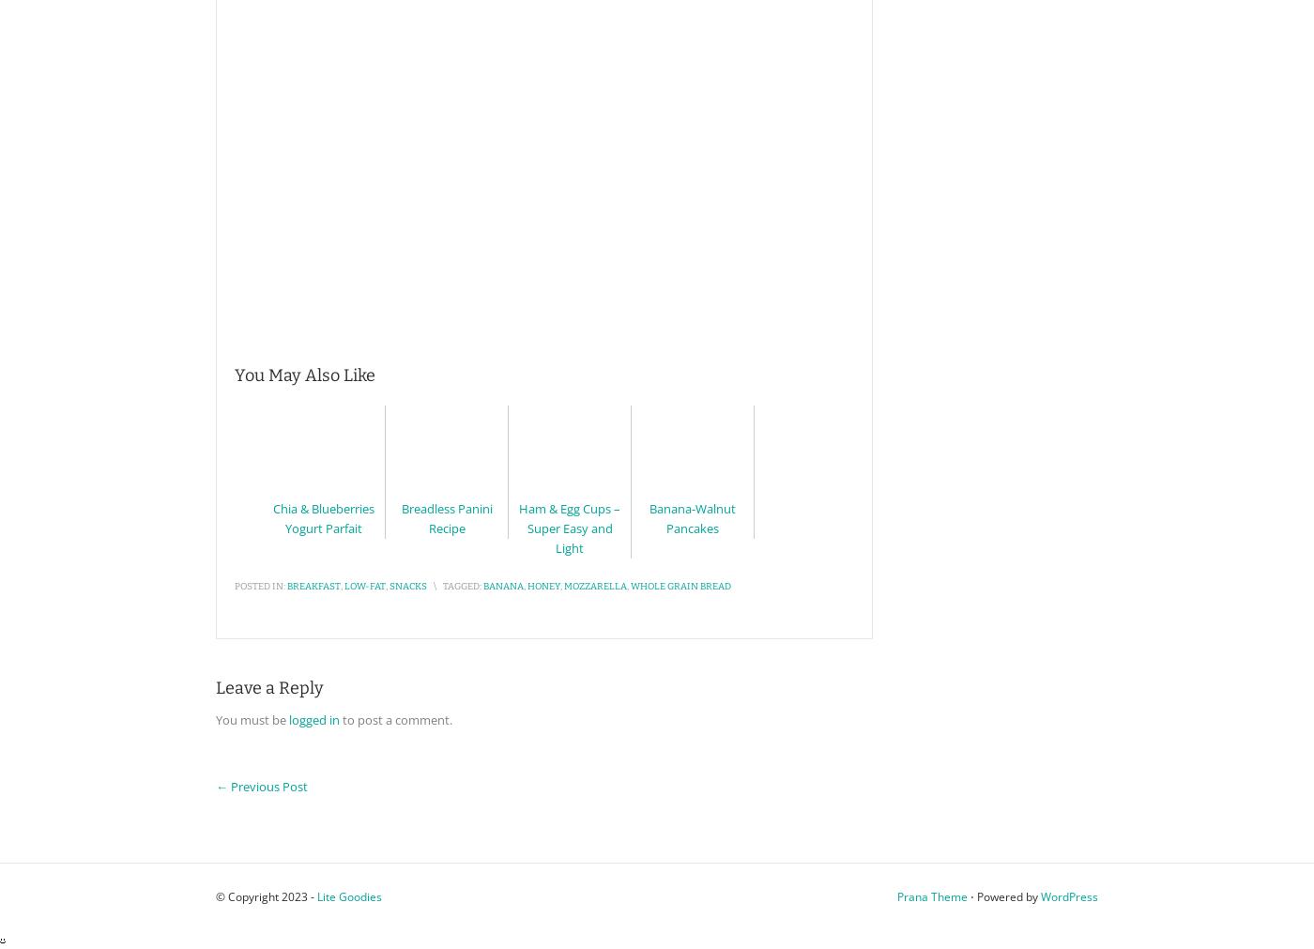  I want to click on 'Snacks', so click(407, 587).